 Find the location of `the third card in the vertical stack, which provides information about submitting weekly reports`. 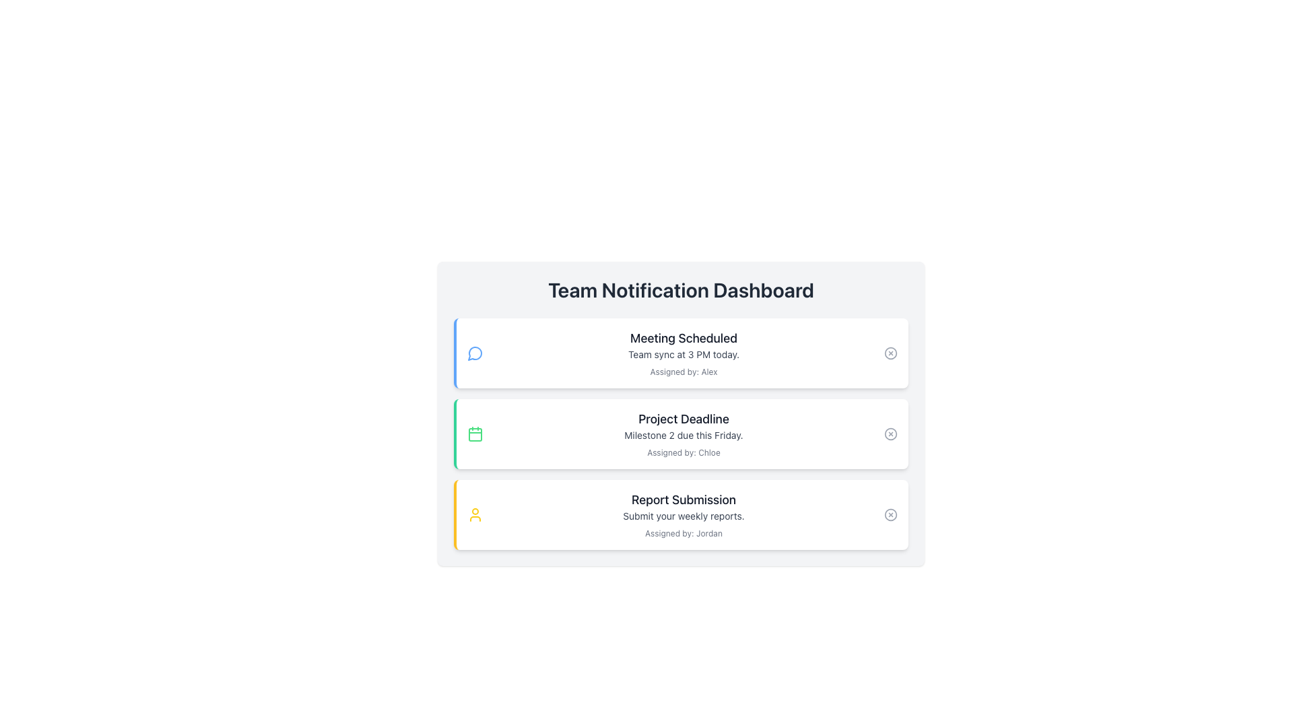

the third card in the vertical stack, which provides information about submitting weekly reports is located at coordinates (681, 514).